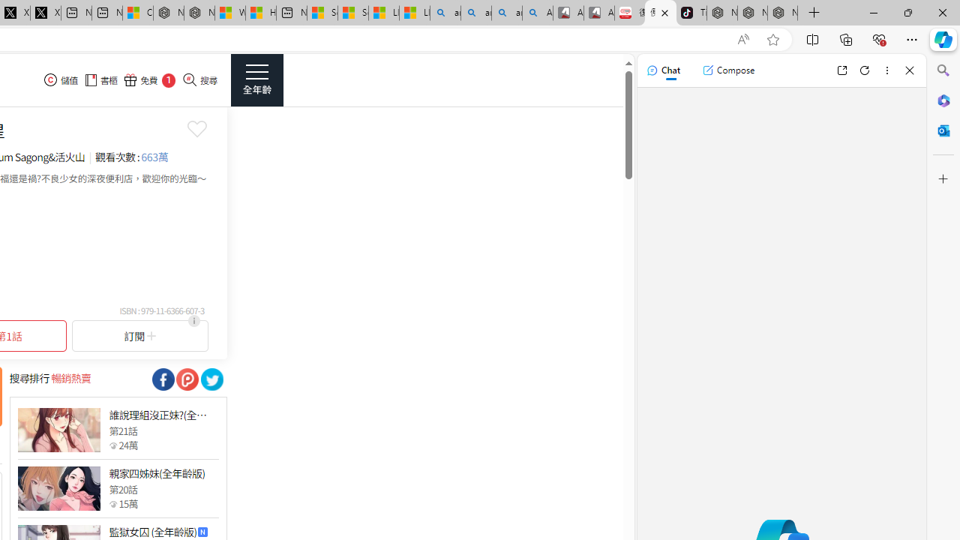  What do you see at coordinates (475, 13) in the screenshot?
I see `'amazon - Search'` at bounding box center [475, 13].